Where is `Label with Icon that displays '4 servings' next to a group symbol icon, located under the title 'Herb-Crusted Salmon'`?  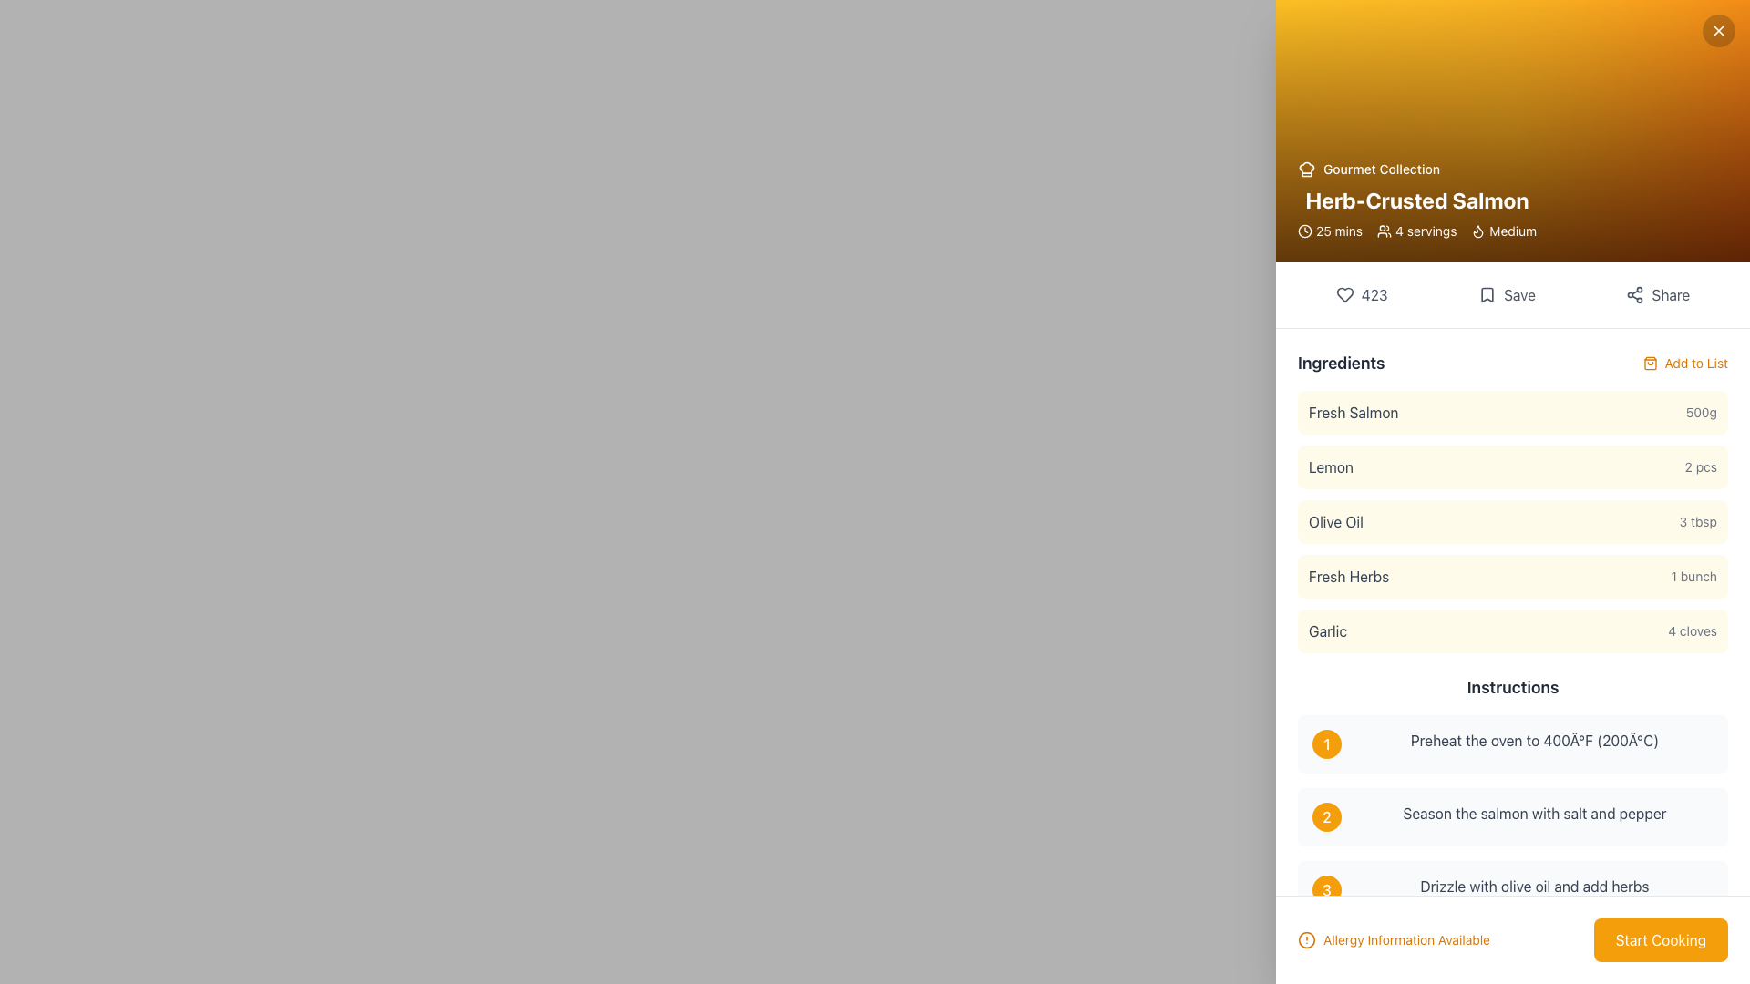 Label with Icon that displays '4 servings' next to a group symbol icon, located under the title 'Herb-Crusted Salmon' is located at coordinates (1415, 231).